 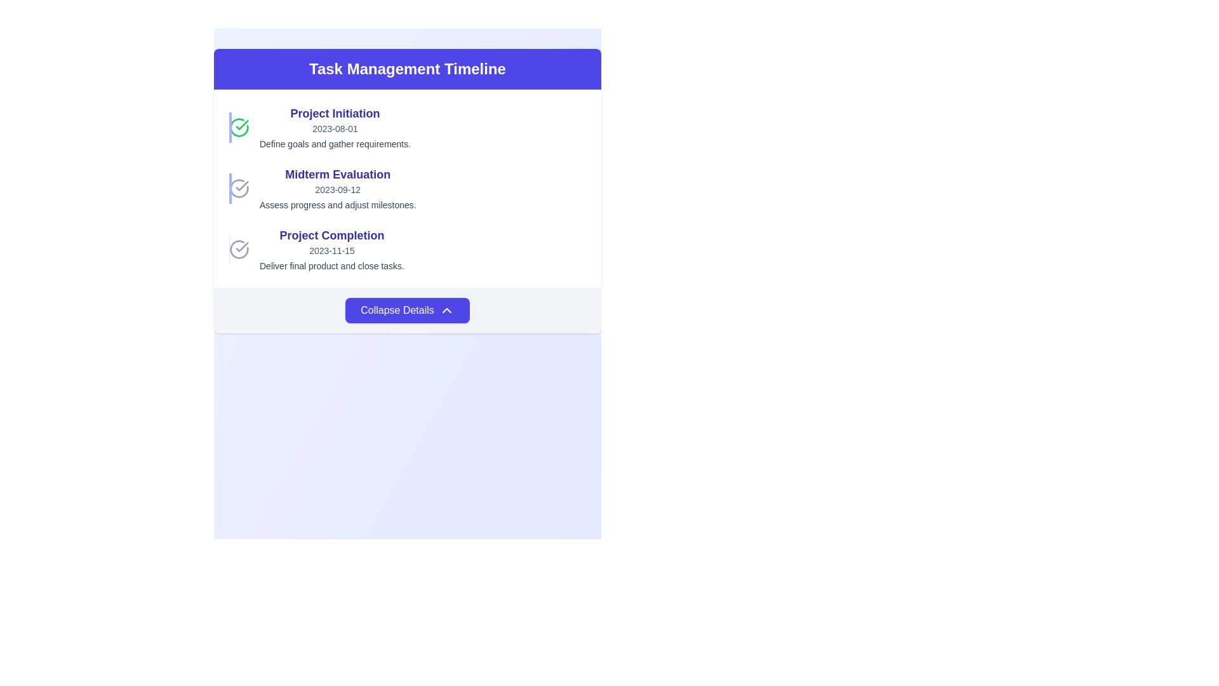 What do you see at coordinates (408, 311) in the screenshot?
I see `the collapsible toggle button located at the bottom of the task management card` at bounding box center [408, 311].